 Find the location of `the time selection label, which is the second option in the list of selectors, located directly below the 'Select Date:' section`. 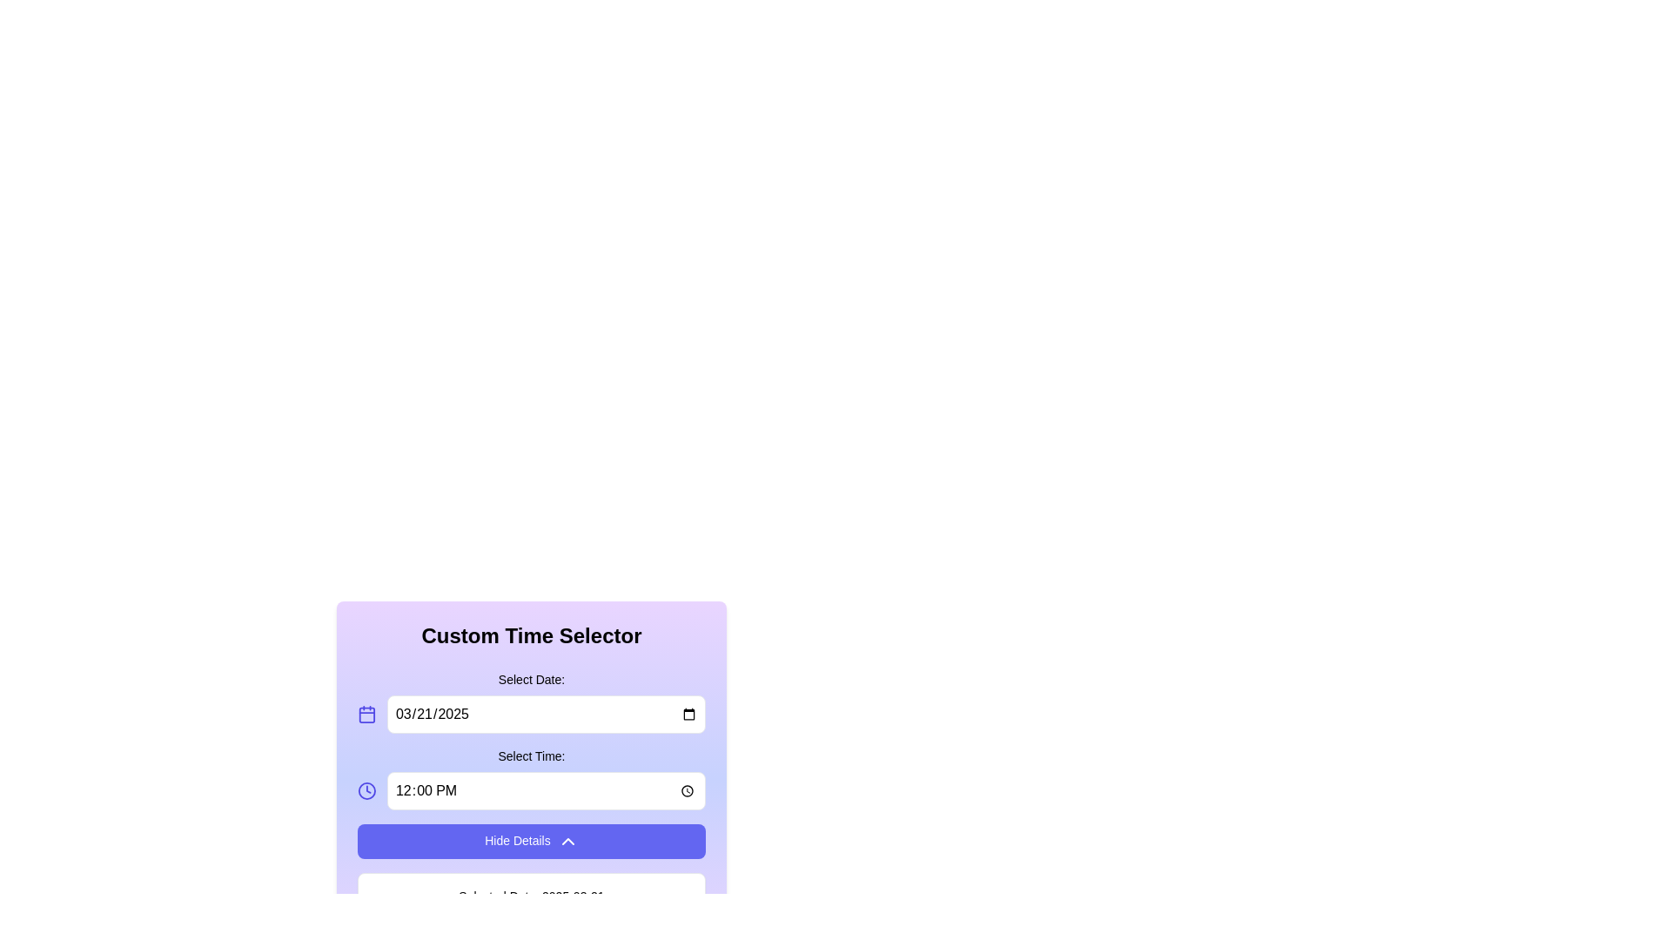

the time selection label, which is the second option in the list of selectors, located directly below the 'Select Date:' section is located at coordinates (530, 777).